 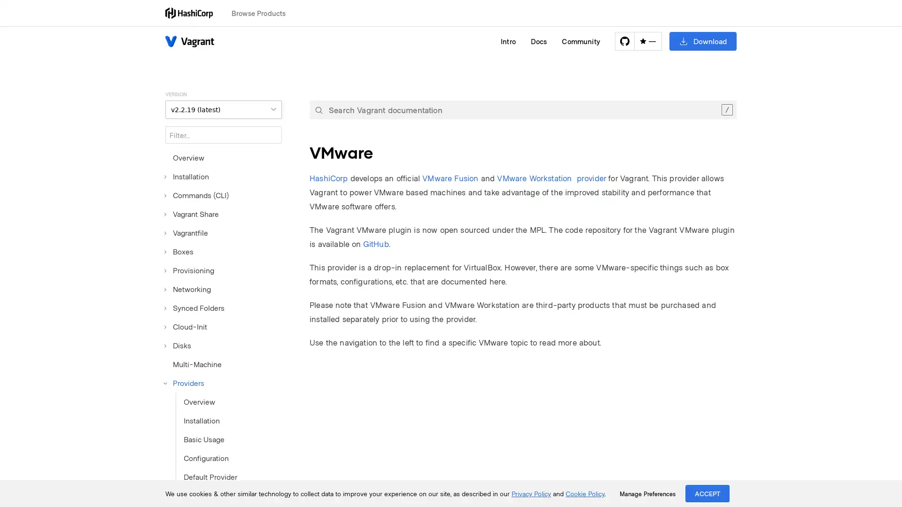 I want to click on Submit your search query., so click(x=319, y=109).